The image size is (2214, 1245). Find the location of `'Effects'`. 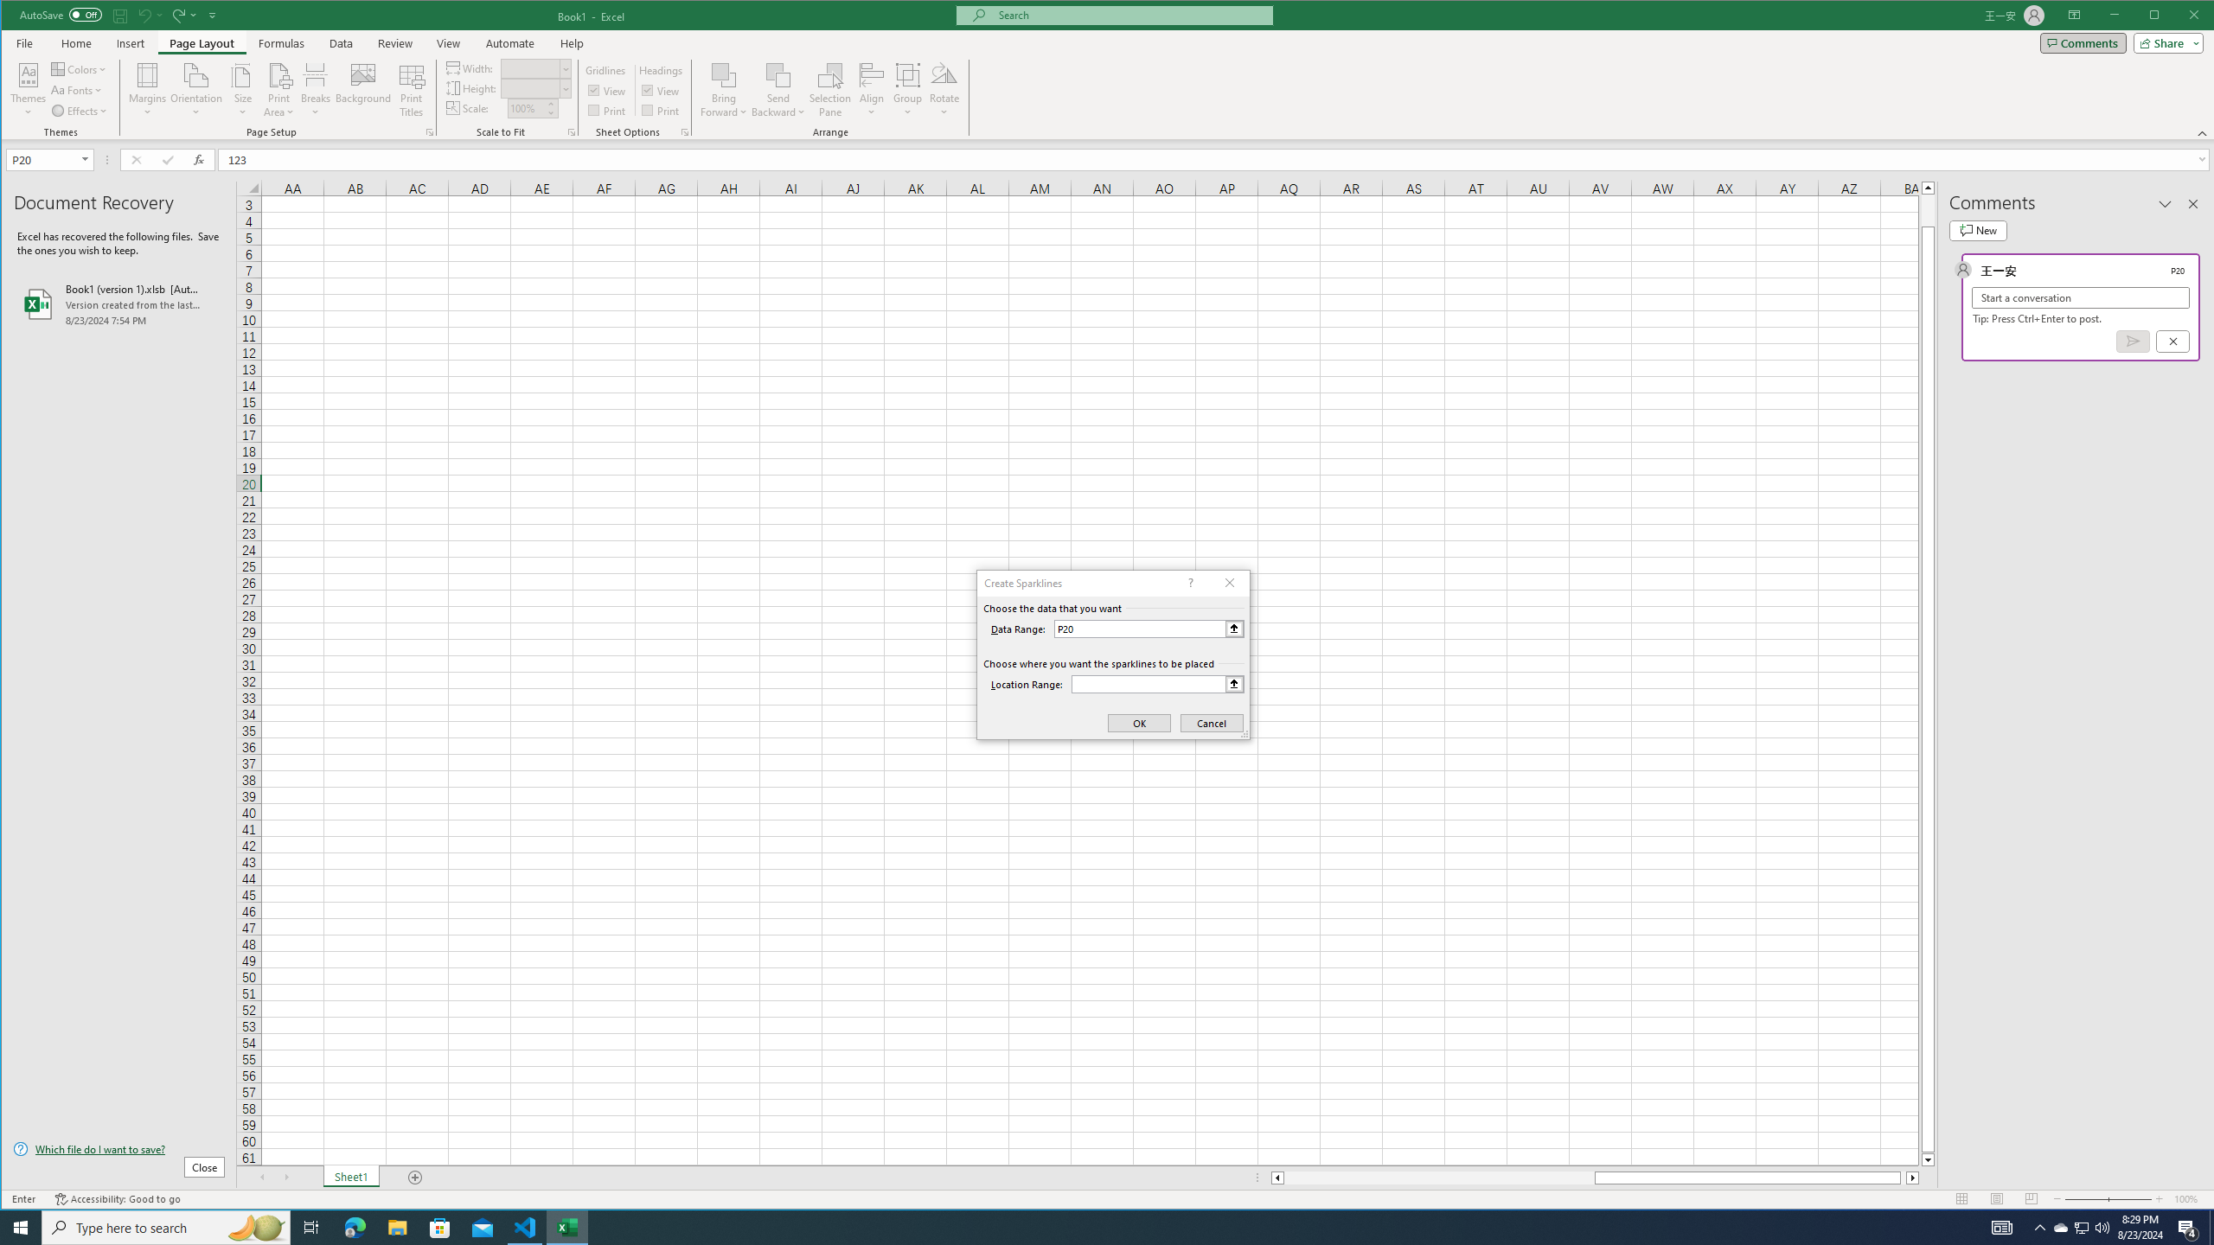

'Effects' is located at coordinates (80, 110).